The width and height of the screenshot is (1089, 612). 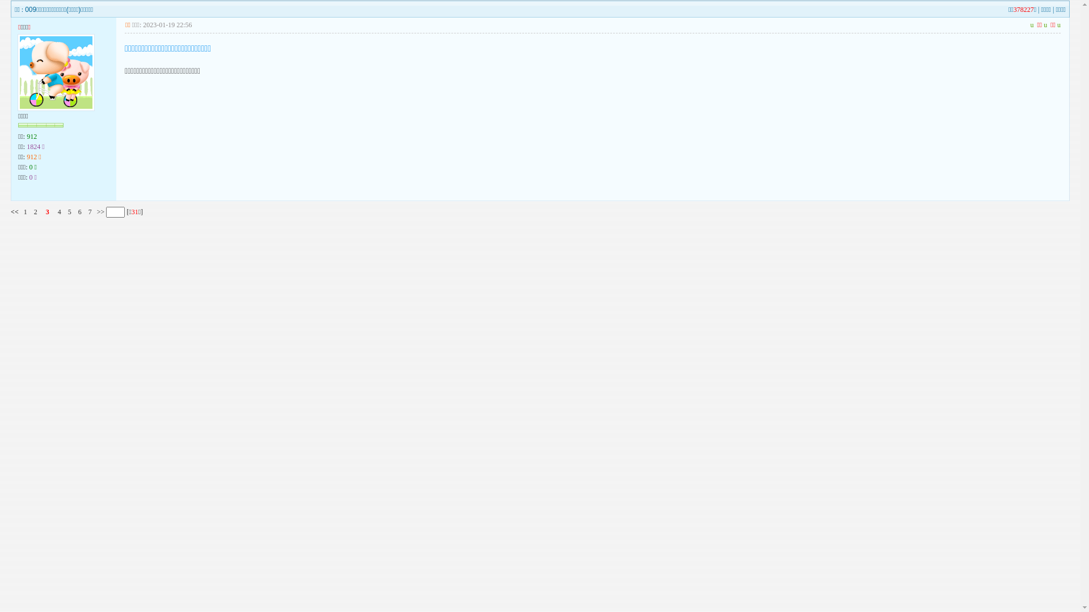 What do you see at coordinates (79, 212) in the screenshot?
I see `'6'` at bounding box center [79, 212].